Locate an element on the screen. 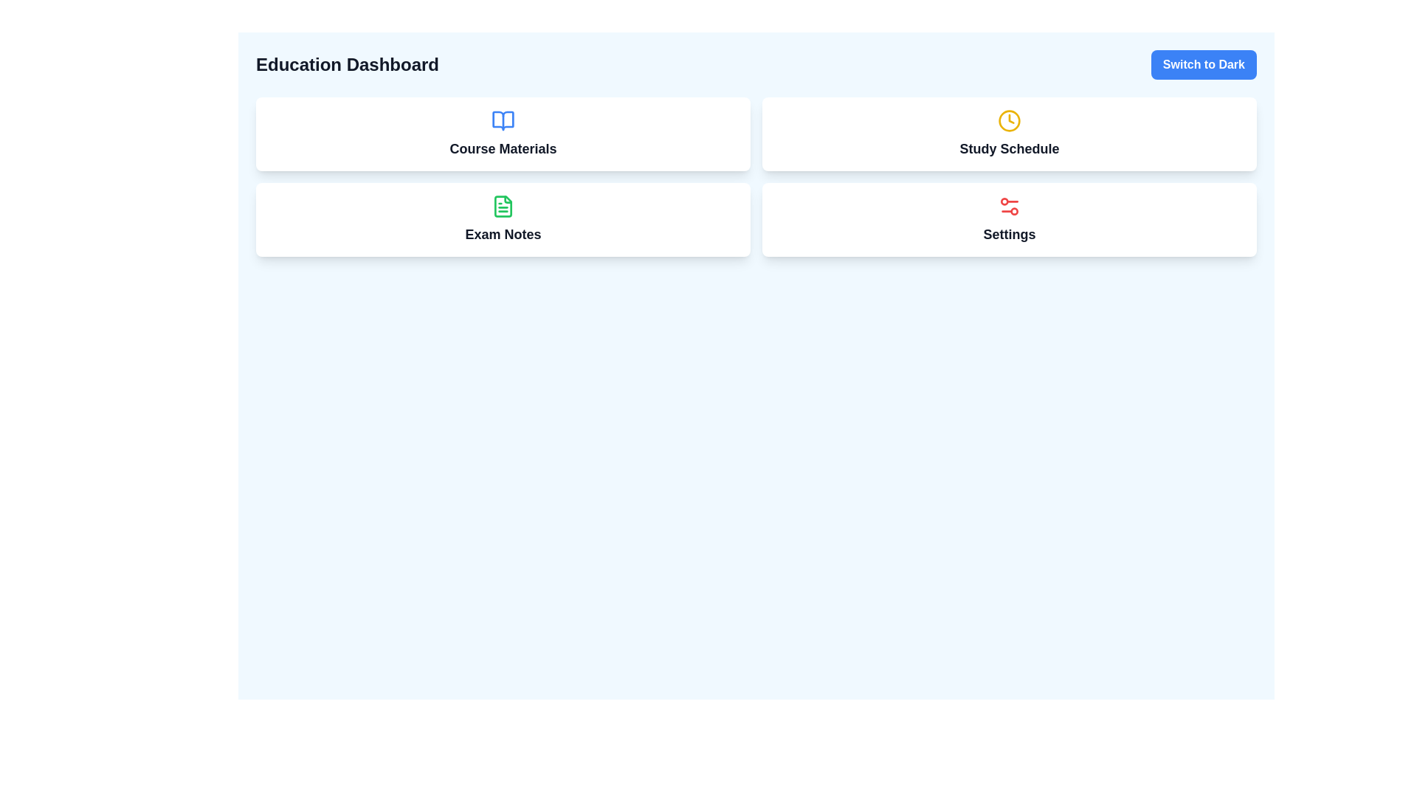 The height and width of the screenshot is (797, 1417). the visual appearance of the green document icon located at the top of the 'Exam Notes' box in the bottom-left quadrant of the main grid is located at coordinates (503, 207).